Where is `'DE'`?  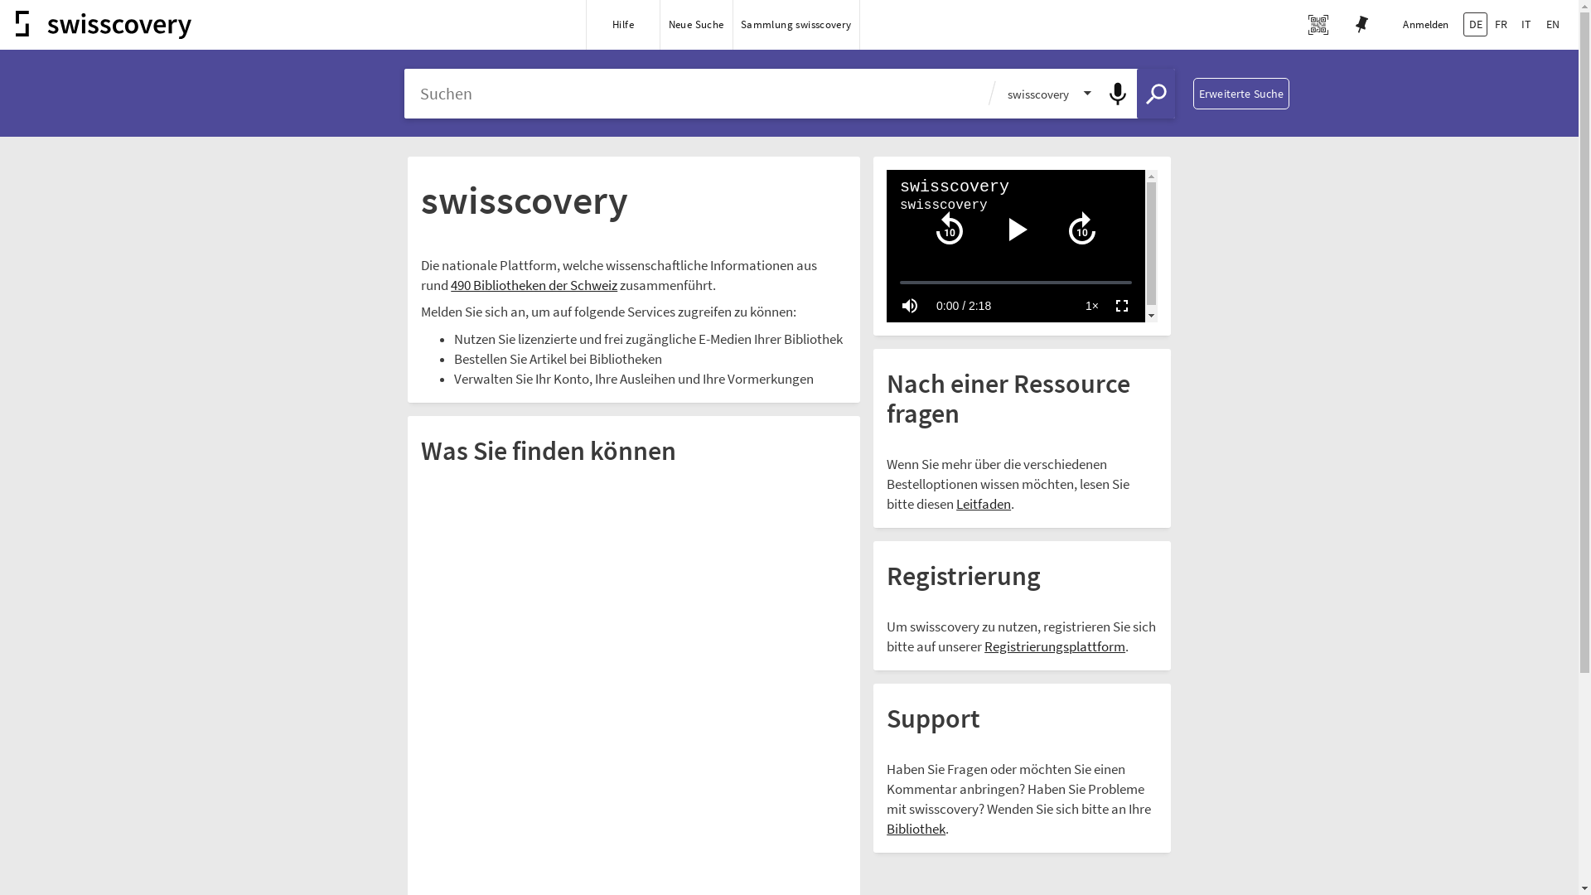
'DE' is located at coordinates (1463, 24).